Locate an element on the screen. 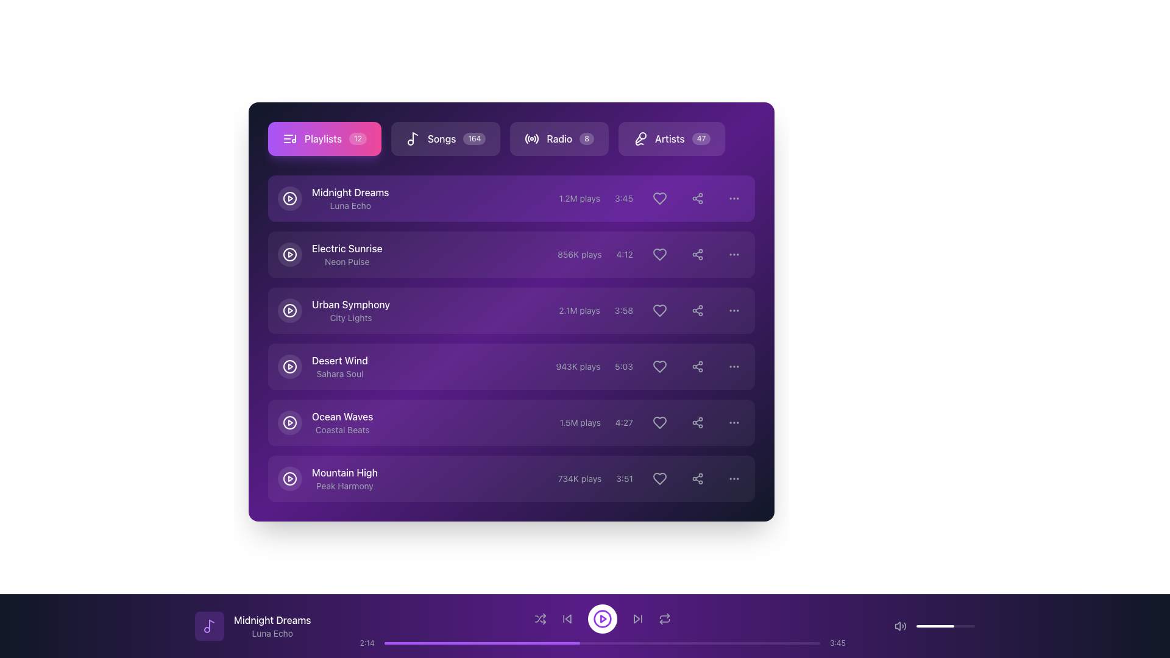 Image resolution: width=1170 pixels, height=658 pixels. the circular outline within the SVG play button located to the left of the text 'Urban Symphony' is located at coordinates (289, 310).